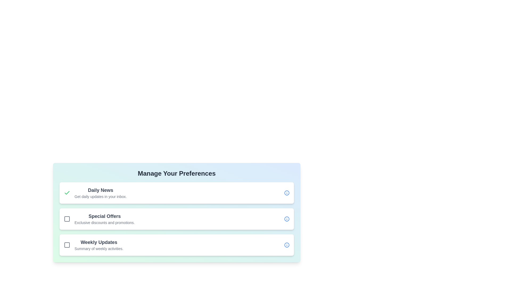 The width and height of the screenshot is (511, 287). Describe the element at coordinates (287, 219) in the screenshot. I see `the Information icon, which is a circular icon with a blue outline featuring an 'i' symbol in the center, located on the far right side of the 'Special Offers' card` at that location.